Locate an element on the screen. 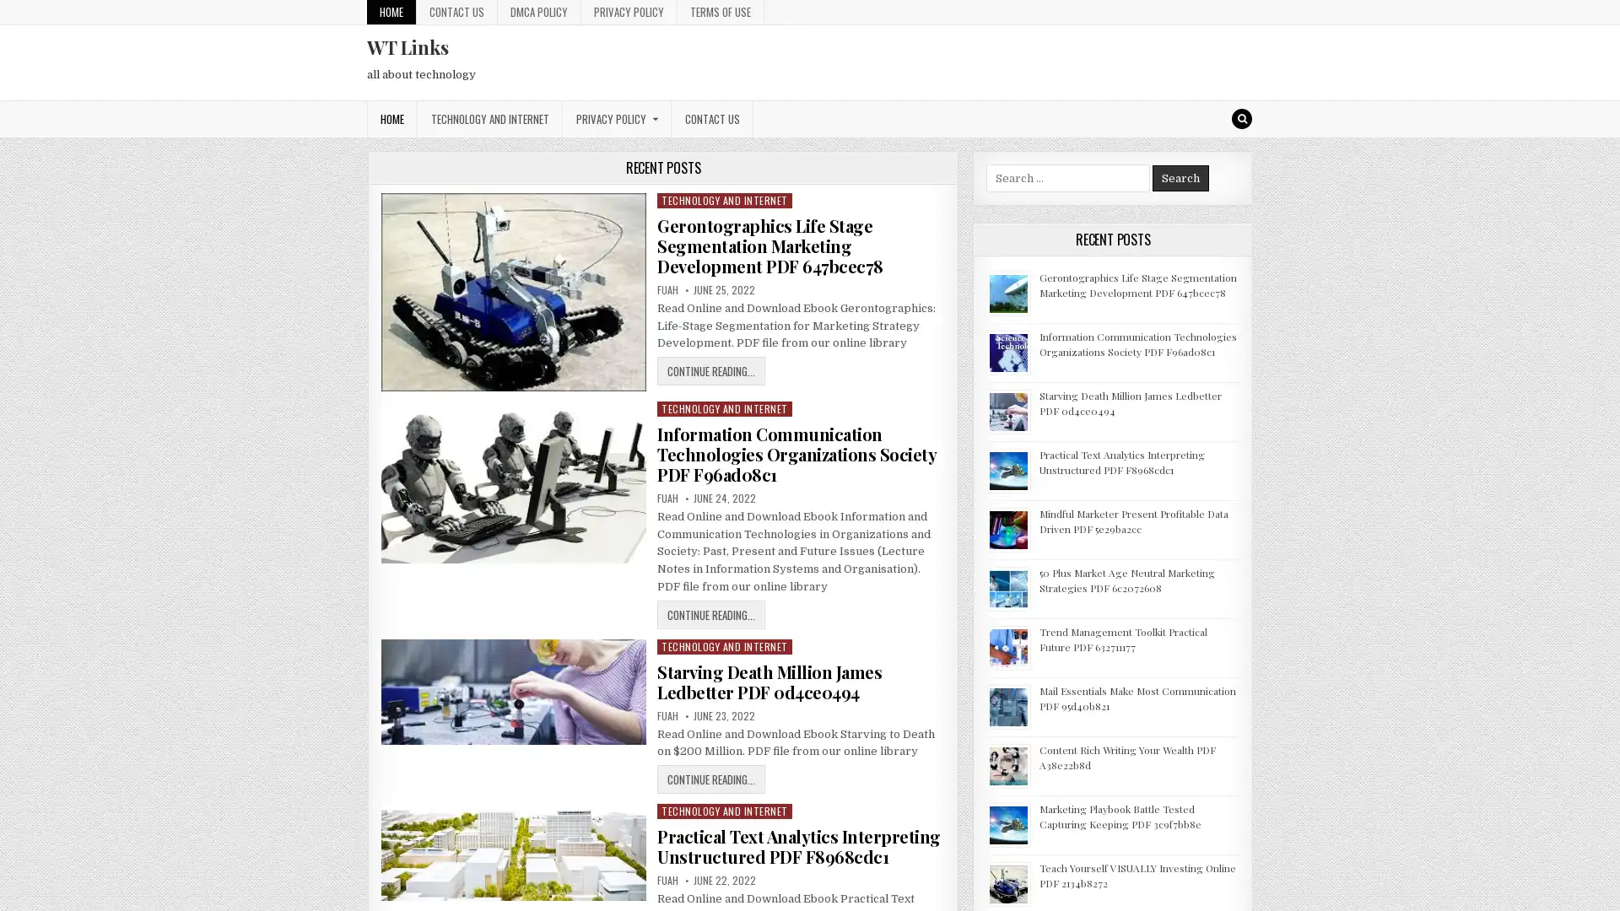  Search is located at coordinates (1180, 178).